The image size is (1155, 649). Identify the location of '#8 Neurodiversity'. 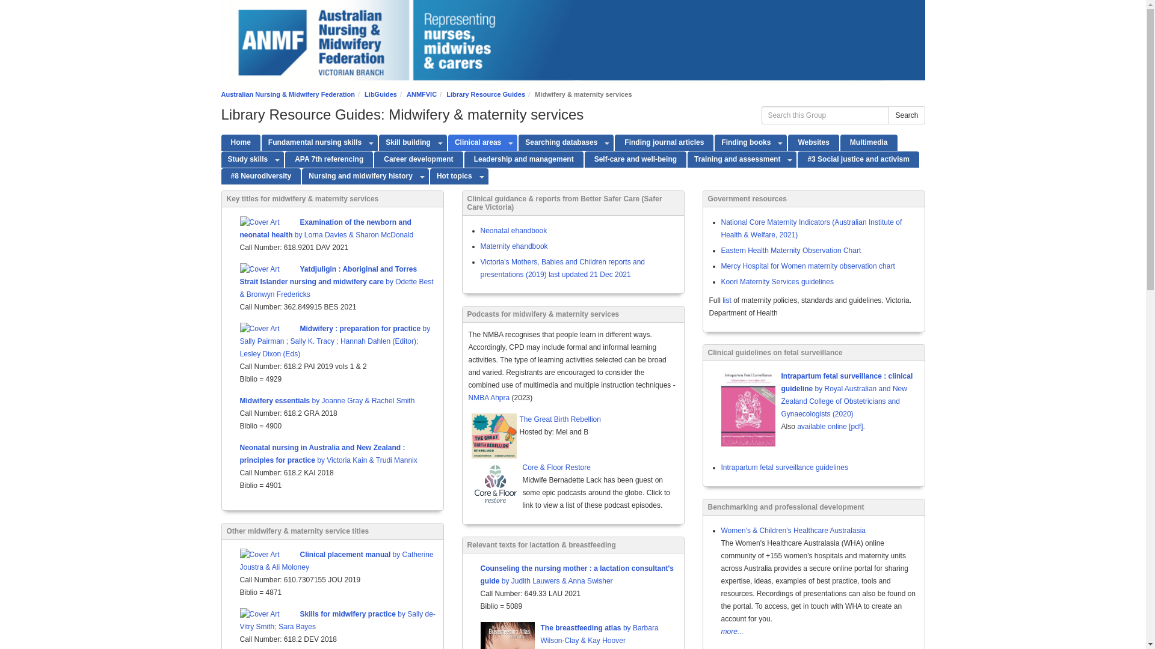
(260, 176).